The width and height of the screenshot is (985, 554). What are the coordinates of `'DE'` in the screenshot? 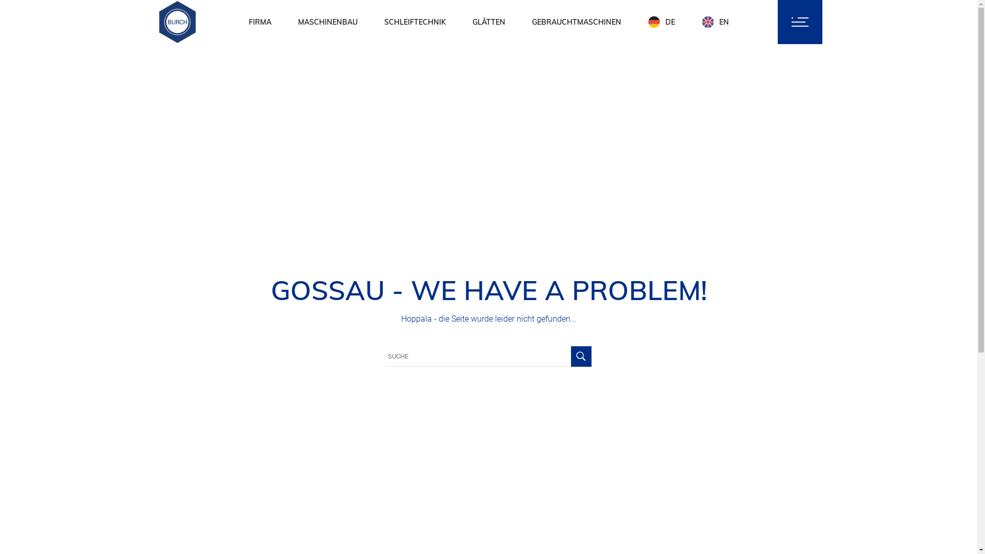 It's located at (661, 22).